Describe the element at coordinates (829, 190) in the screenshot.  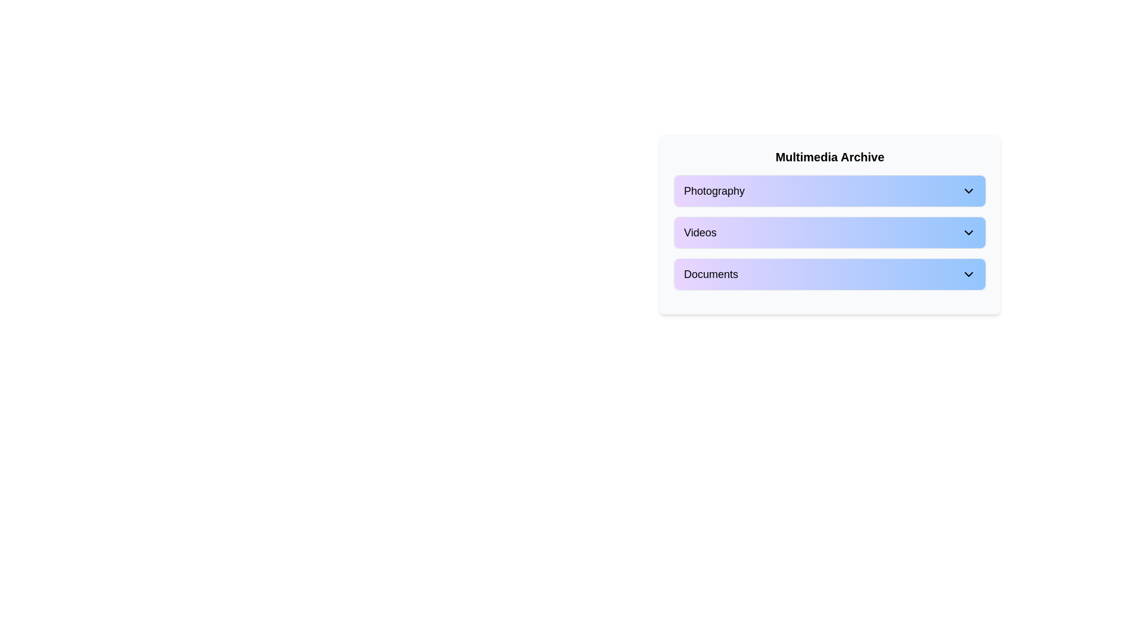
I see `the 'Photography' dropdown button located at the top of the 'Multimedia Archive' section` at that location.